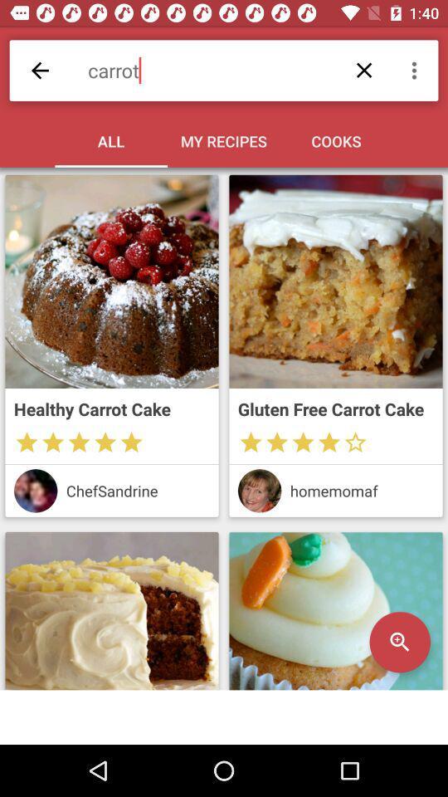  Describe the element at coordinates (336, 610) in the screenshot. I see `magnifier` at that location.